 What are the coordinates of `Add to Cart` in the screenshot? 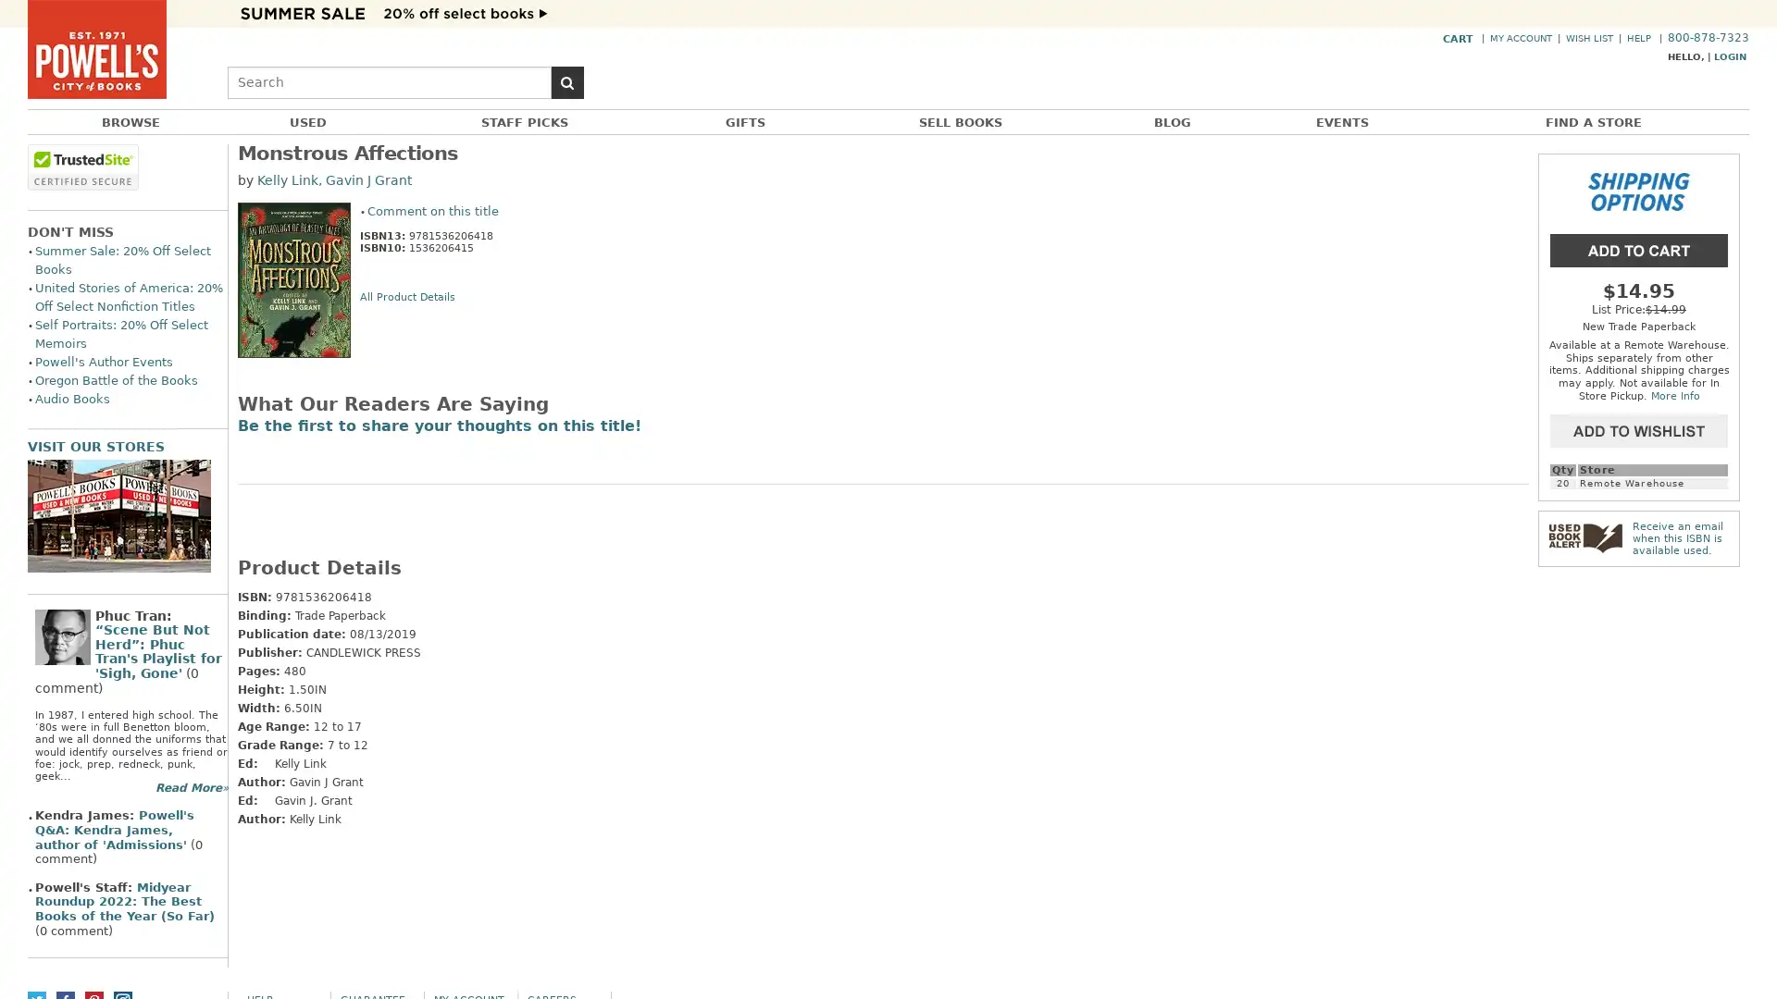 It's located at (1639, 248).